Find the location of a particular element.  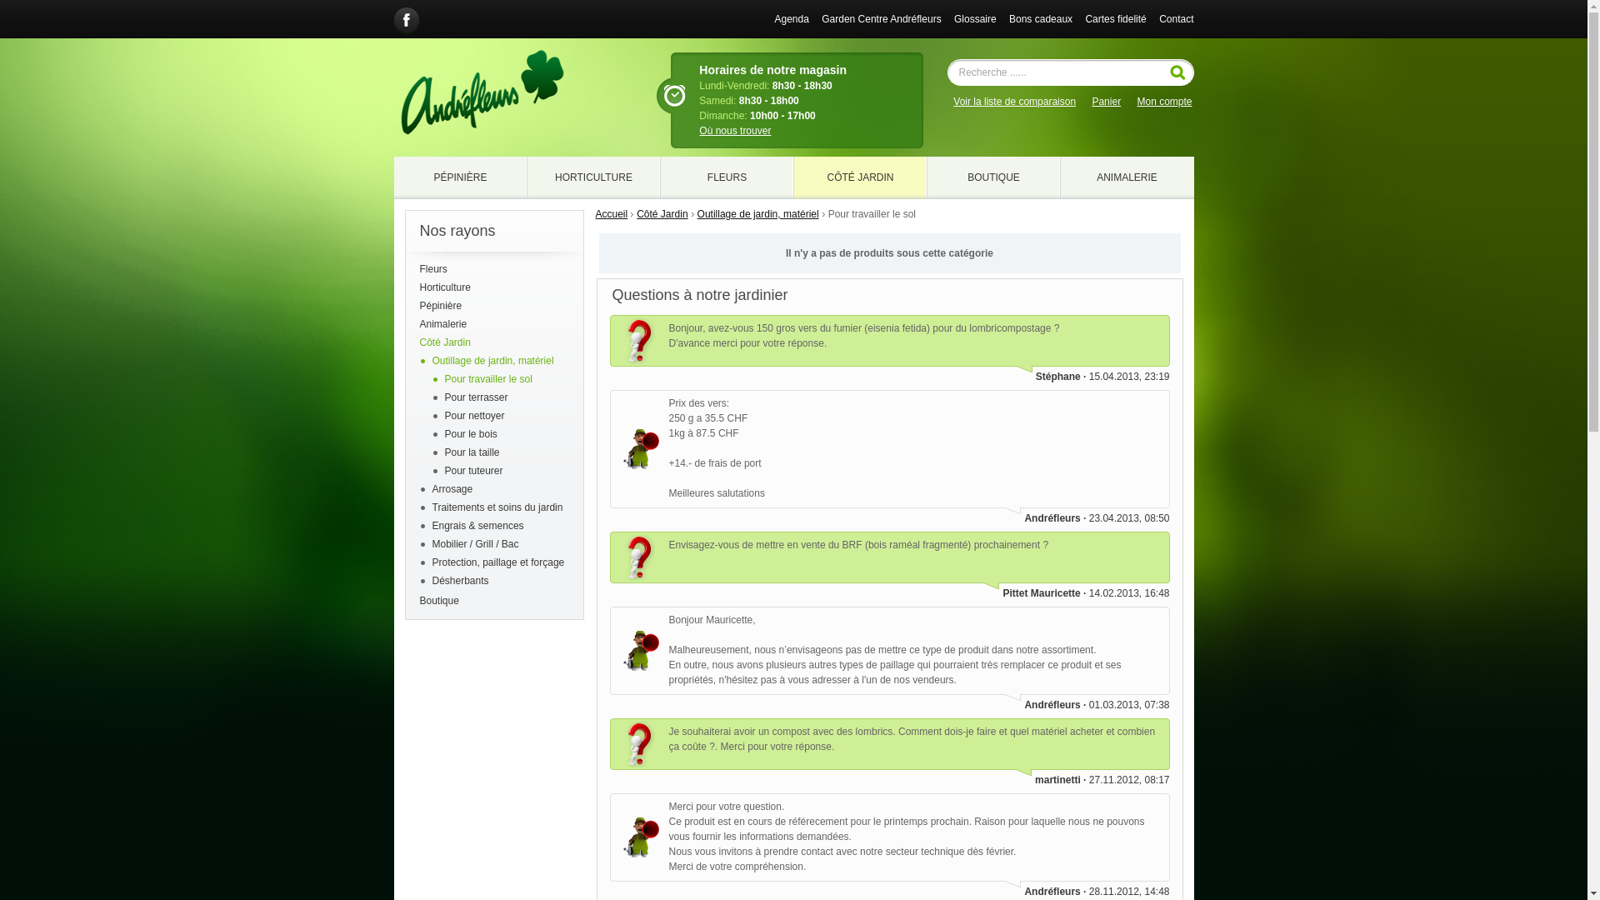

'Panier' is located at coordinates (1106, 102).